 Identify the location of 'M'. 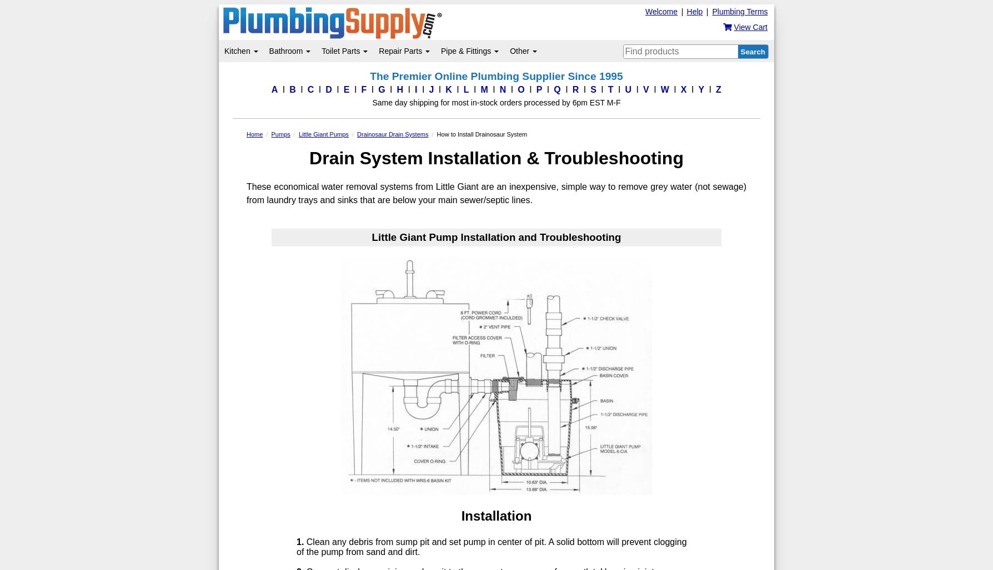
(483, 89).